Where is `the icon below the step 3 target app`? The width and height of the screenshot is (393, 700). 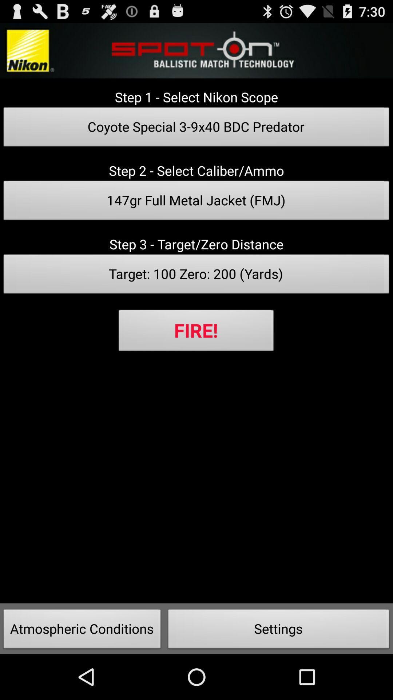
the icon below the step 3 target app is located at coordinates (196, 276).